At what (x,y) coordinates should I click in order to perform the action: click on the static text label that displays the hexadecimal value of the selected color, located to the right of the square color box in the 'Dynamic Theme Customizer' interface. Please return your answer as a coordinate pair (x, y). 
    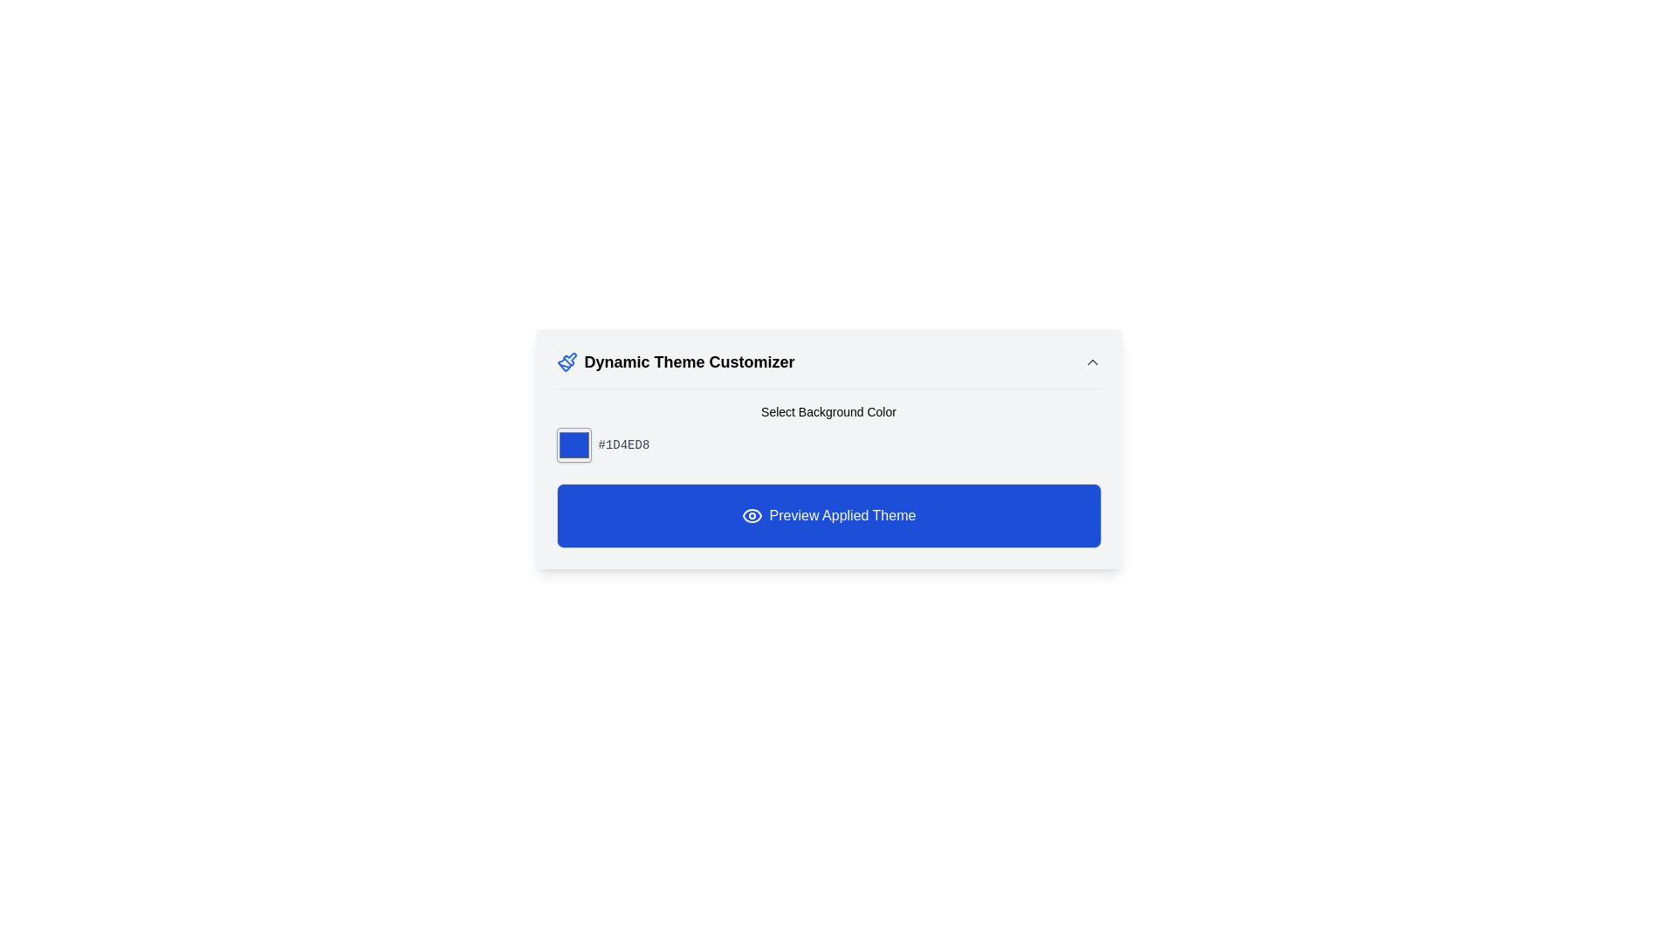
    Looking at the image, I should click on (623, 444).